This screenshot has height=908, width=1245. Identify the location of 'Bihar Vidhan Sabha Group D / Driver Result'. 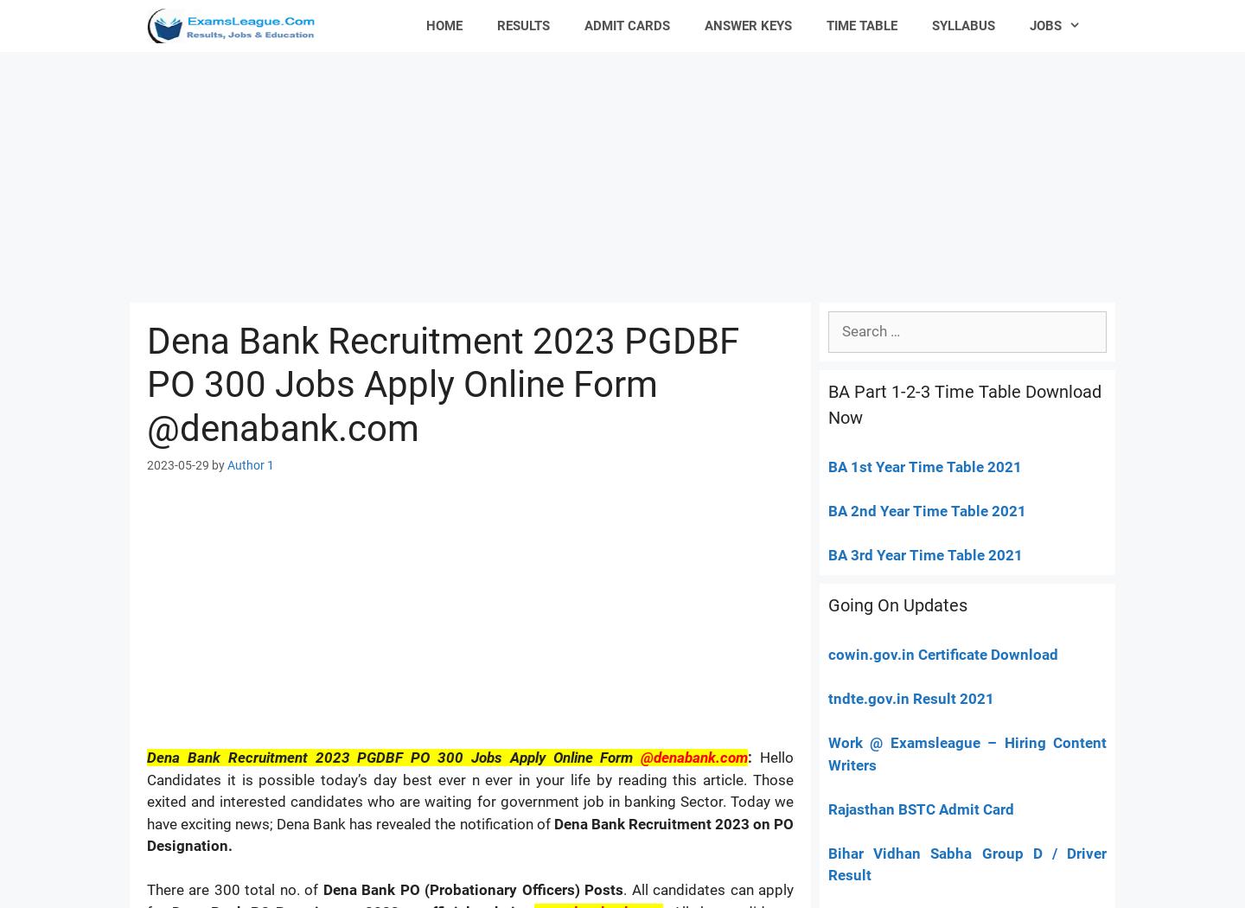
(967, 863).